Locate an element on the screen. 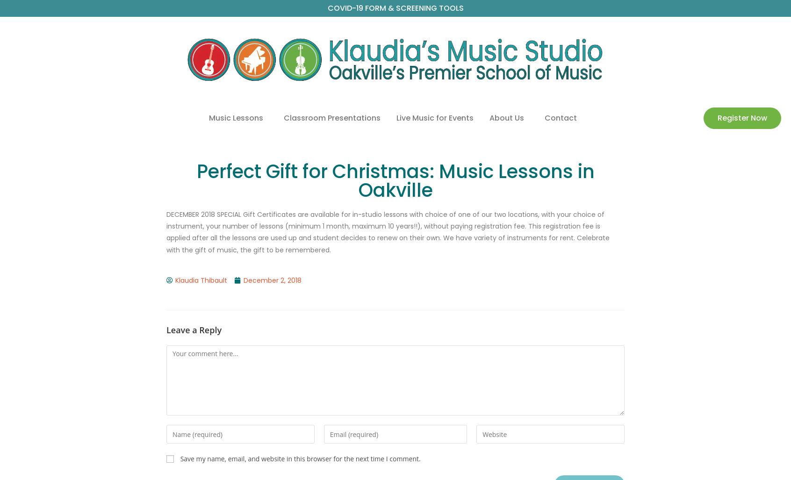  'December 2, 2018' is located at coordinates (272, 280).